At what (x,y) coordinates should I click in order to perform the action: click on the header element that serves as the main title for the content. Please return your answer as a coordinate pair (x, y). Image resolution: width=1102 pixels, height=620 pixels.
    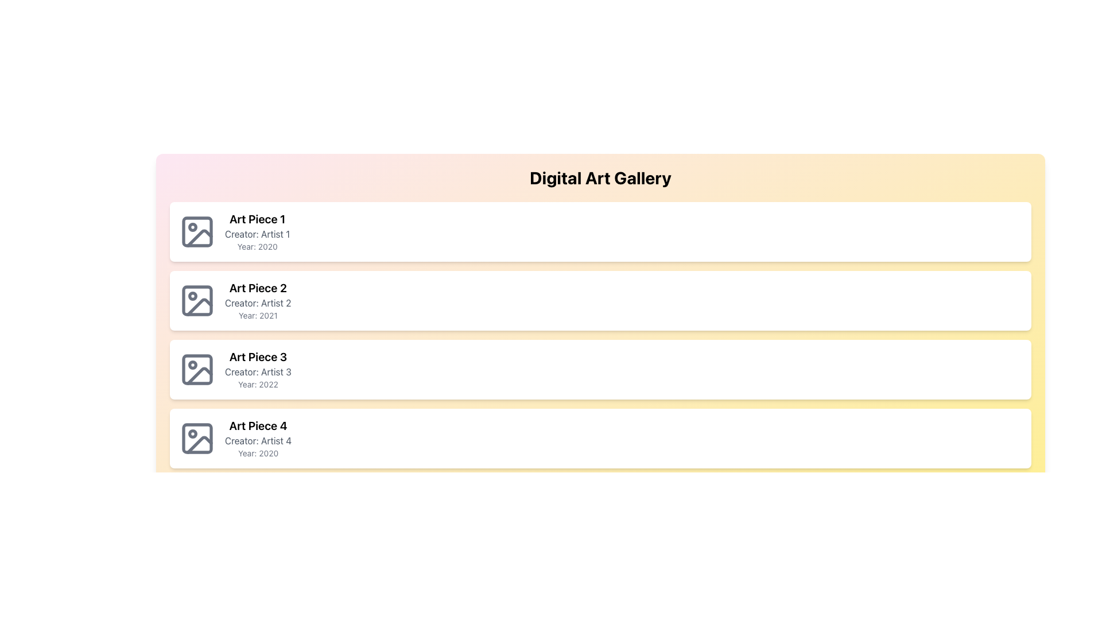
    Looking at the image, I should click on (600, 177).